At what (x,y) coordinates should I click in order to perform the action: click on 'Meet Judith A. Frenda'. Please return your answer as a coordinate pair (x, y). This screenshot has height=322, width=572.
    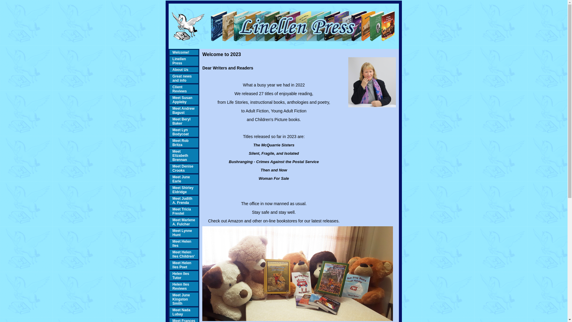
    Looking at the image, I should click on (182, 200).